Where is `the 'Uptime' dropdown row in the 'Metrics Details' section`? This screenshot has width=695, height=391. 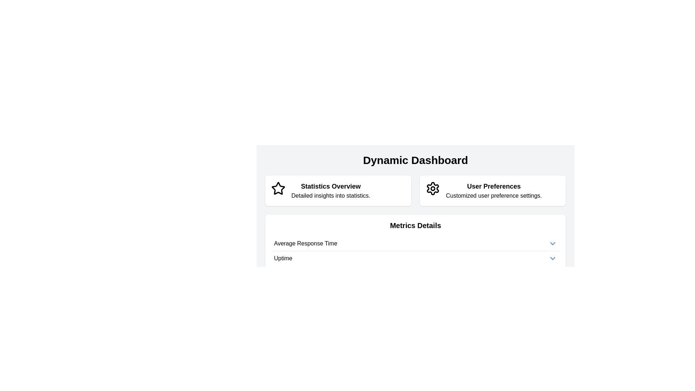 the 'Uptime' dropdown row in the 'Metrics Details' section is located at coordinates (415, 258).